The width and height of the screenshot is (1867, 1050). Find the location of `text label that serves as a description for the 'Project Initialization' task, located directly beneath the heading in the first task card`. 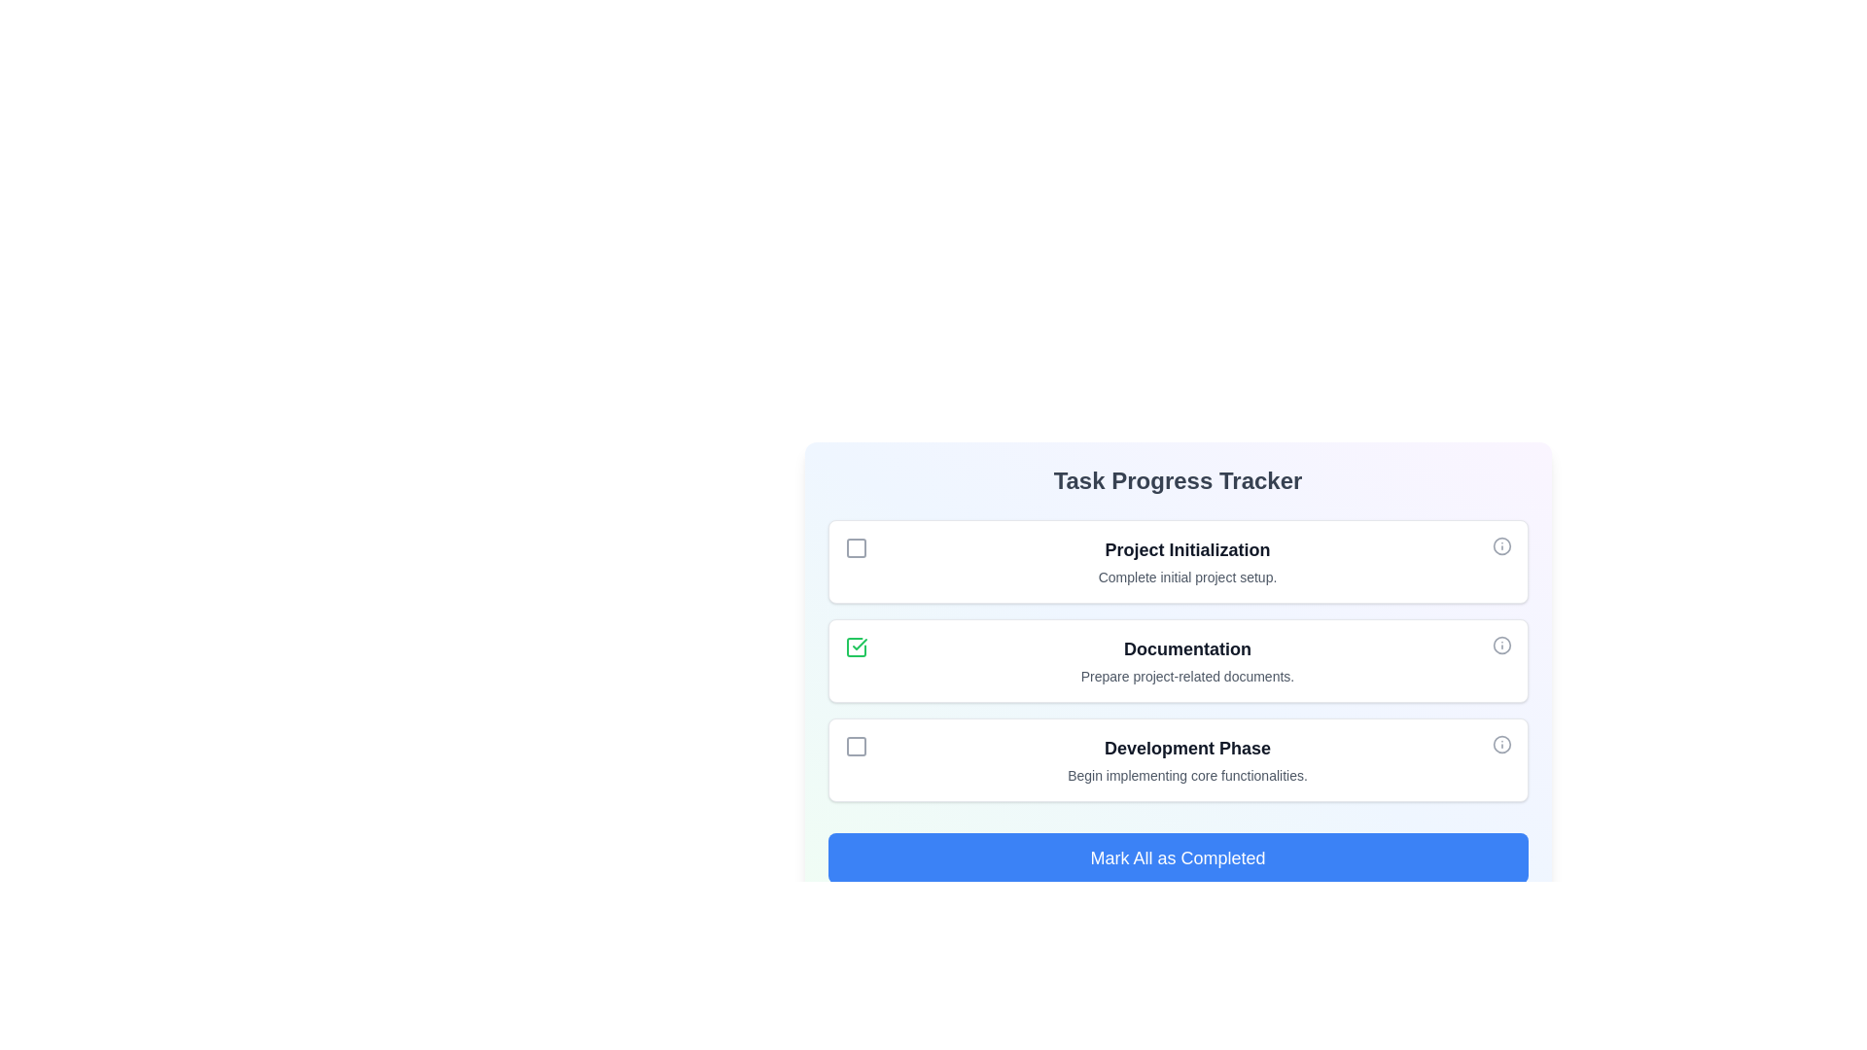

text label that serves as a description for the 'Project Initialization' task, located directly beneath the heading in the first task card is located at coordinates (1186, 577).